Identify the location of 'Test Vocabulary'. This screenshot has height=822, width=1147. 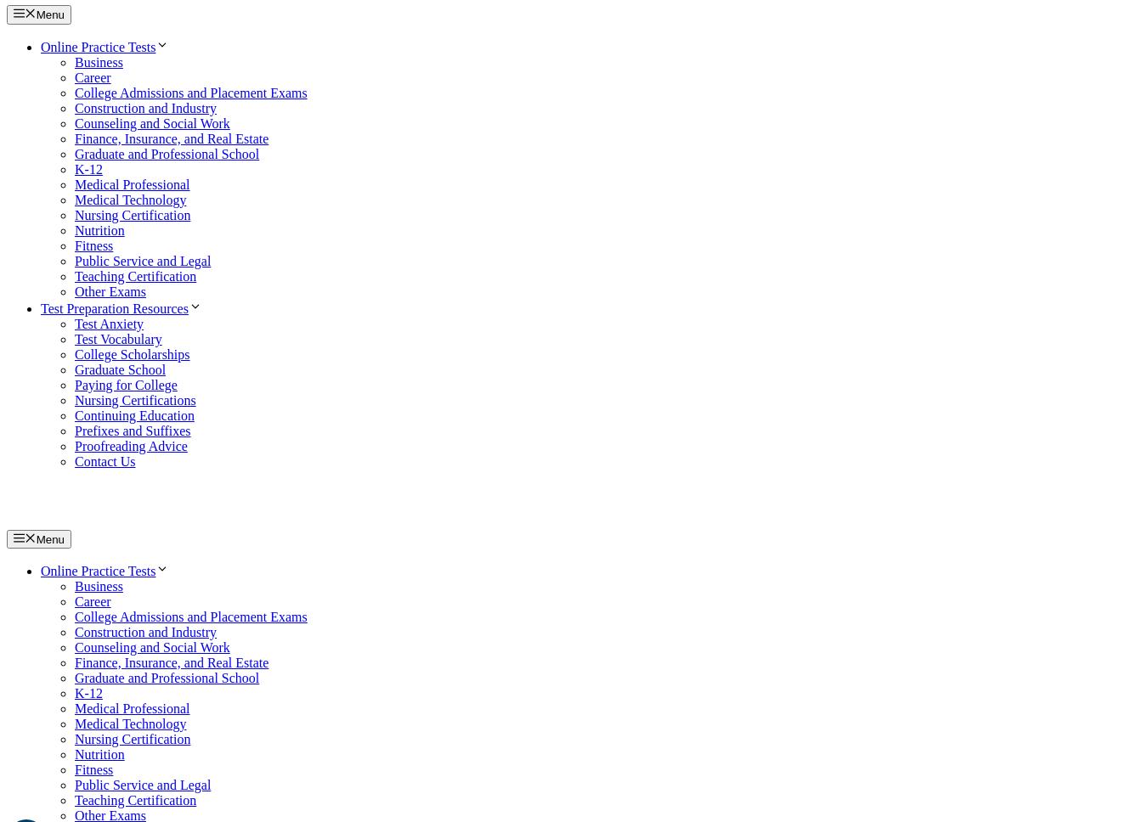
(118, 337).